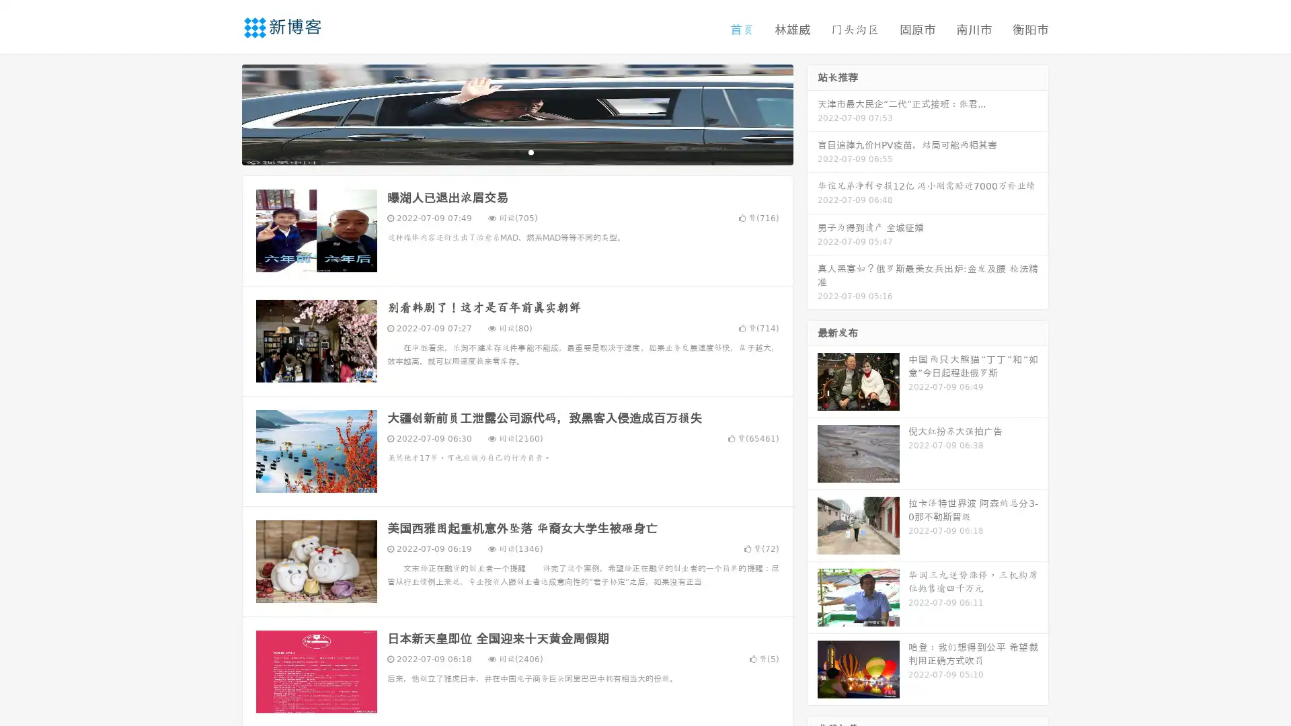 The height and width of the screenshot is (726, 1291). I want to click on Next slide, so click(812, 113).